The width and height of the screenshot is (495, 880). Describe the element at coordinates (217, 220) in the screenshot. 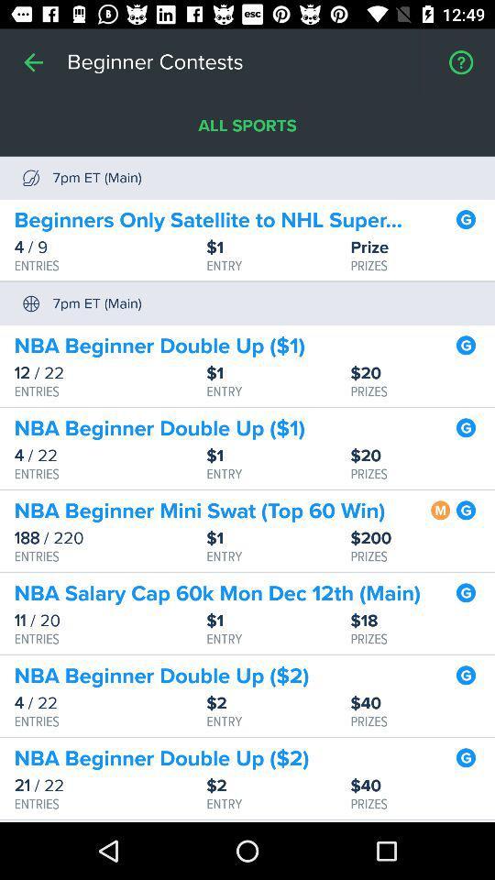

I see `icon above 4 / 9 item` at that location.